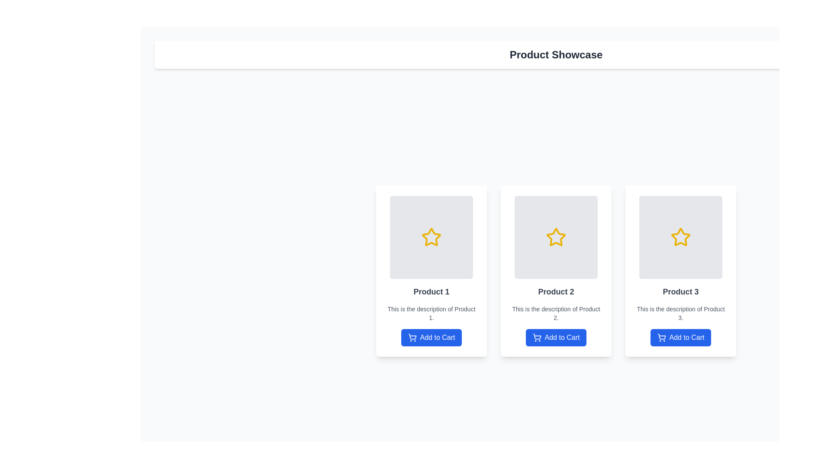 This screenshot has height=467, width=831. What do you see at coordinates (432, 237) in the screenshot?
I see `the yellow outlined star icon to favorite the product in the first product card` at bounding box center [432, 237].